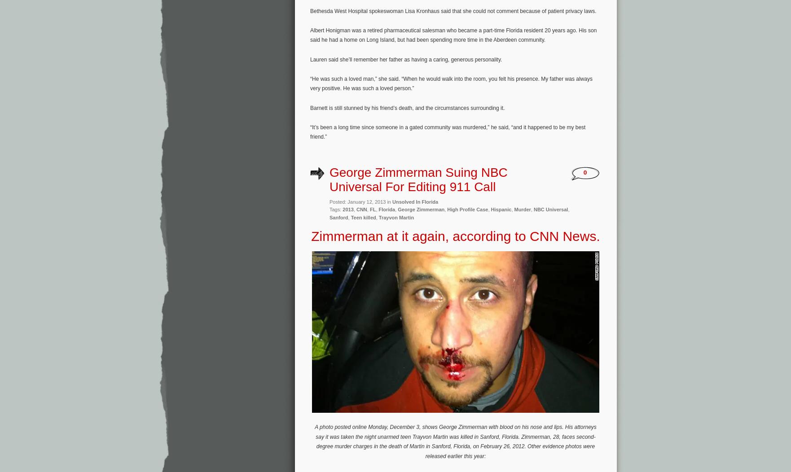  Describe the element at coordinates (453, 10) in the screenshot. I see `'Bethesda West Hospital spokeswoman Lisa Kronhaus said that she could not comment because of patient privacy laws.'` at that location.